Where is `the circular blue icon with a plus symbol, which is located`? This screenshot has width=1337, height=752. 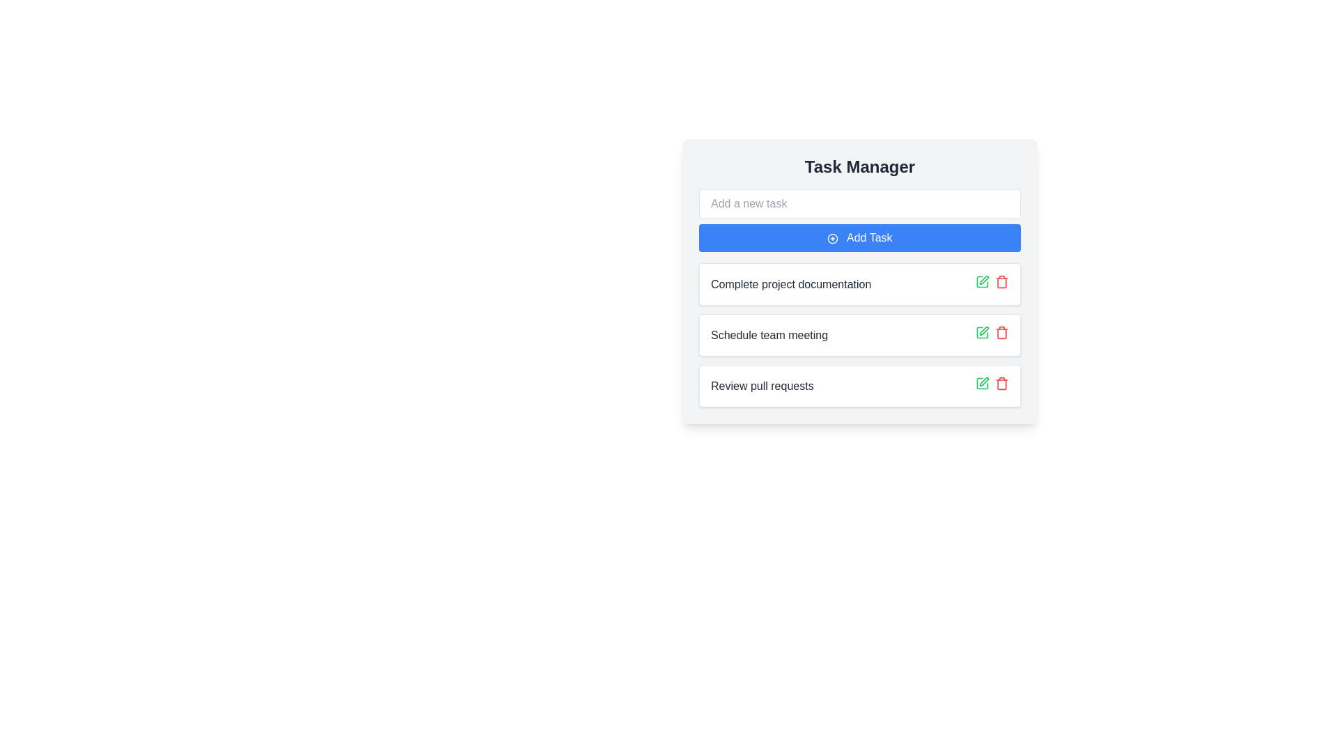
the circular blue icon with a plus symbol, which is located is located at coordinates (833, 237).